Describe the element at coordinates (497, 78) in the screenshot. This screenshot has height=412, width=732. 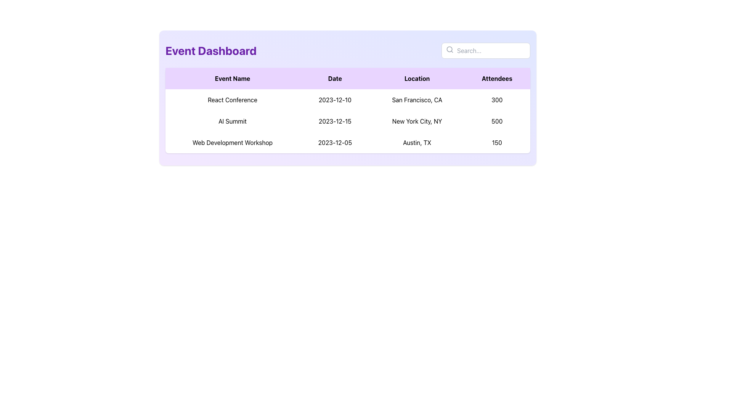
I see `the Table Header Cell labeled 'Attendees', which is styled with a violet background and bold black text, located in the fourth cell of the header row` at that location.